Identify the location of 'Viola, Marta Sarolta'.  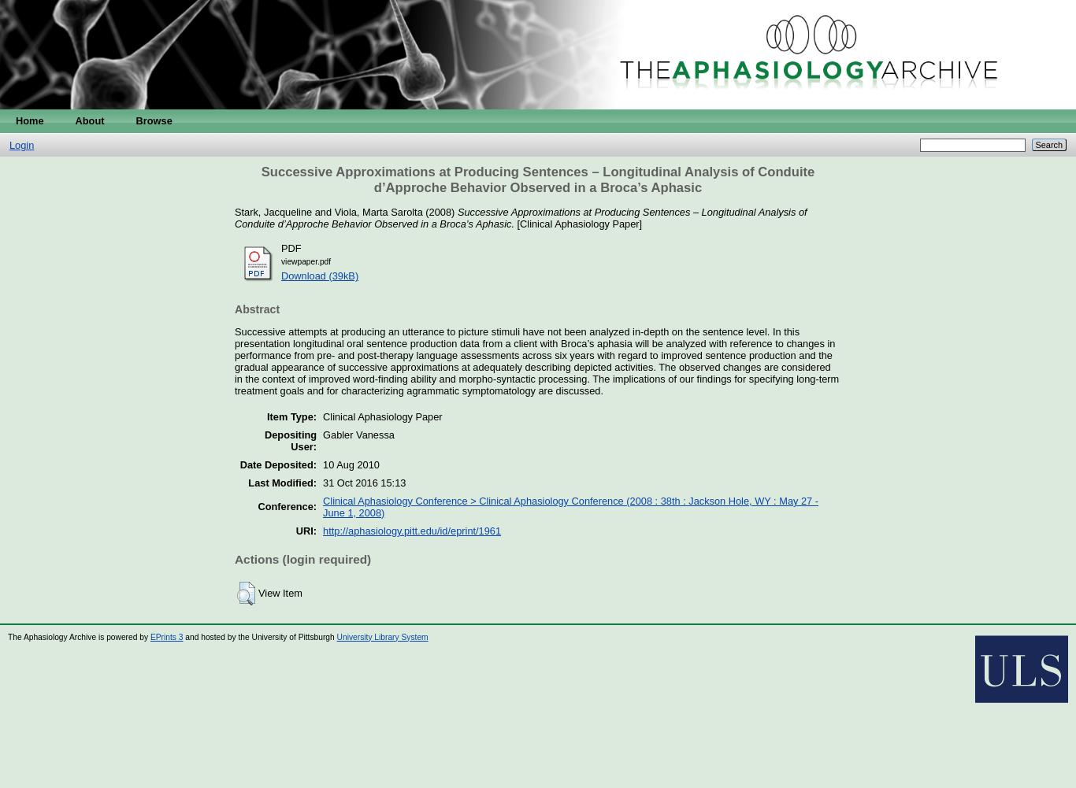
(378, 211).